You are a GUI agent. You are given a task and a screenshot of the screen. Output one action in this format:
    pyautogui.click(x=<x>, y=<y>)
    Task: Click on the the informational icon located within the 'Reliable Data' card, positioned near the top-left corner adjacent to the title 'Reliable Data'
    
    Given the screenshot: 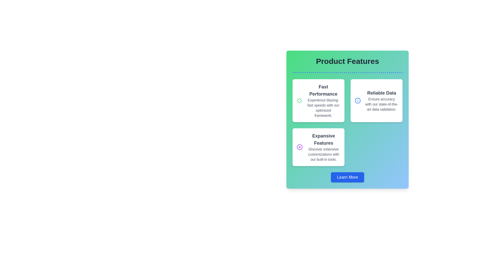 What is the action you would take?
    pyautogui.click(x=357, y=100)
    